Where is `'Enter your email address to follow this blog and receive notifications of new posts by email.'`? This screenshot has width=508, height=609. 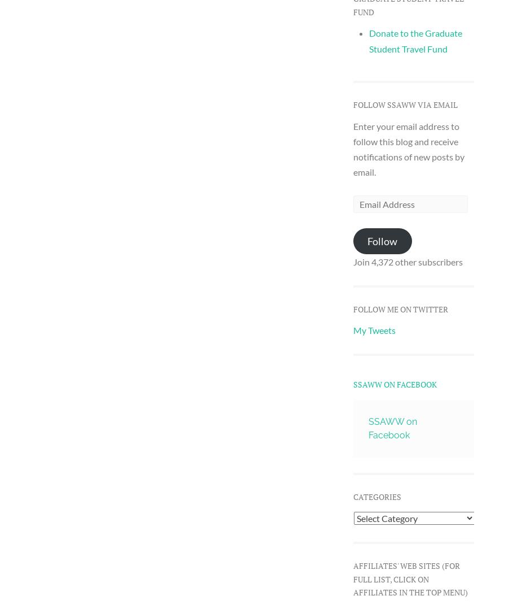
'Enter your email address to follow this blog and receive notifications of new posts by email.' is located at coordinates (408, 148).